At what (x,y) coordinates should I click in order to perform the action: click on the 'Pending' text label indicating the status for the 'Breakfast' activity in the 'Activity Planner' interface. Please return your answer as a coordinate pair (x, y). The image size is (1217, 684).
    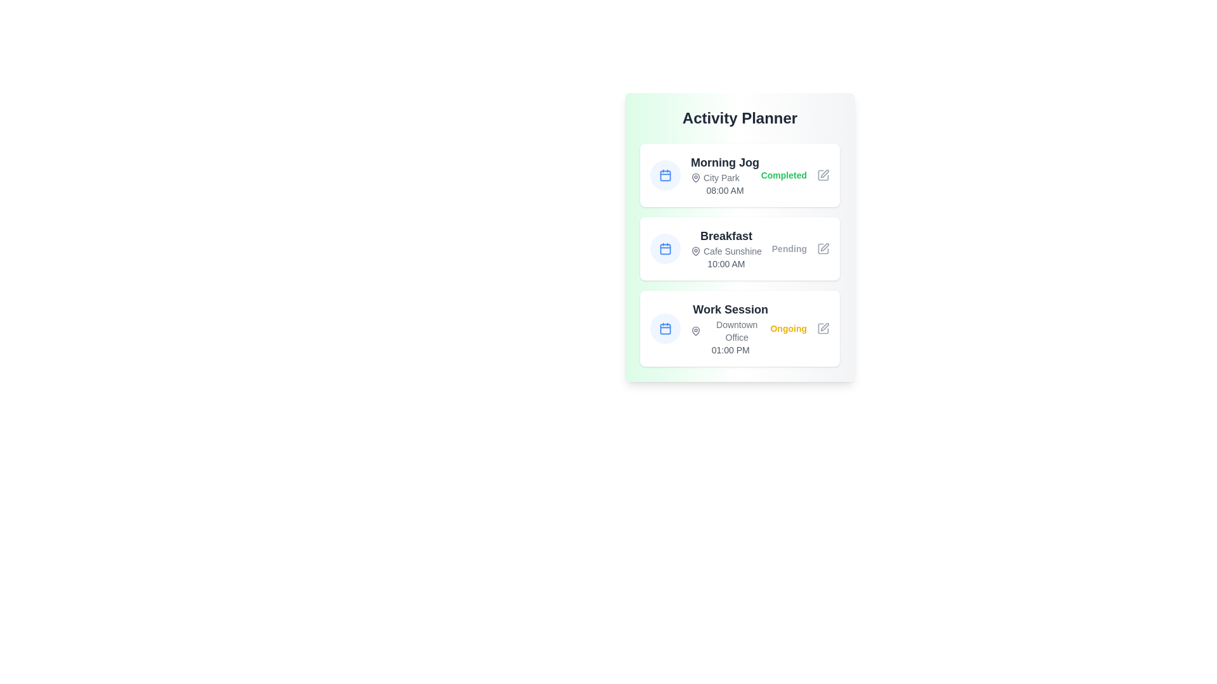
    Looking at the image, I should click on (789, 249).